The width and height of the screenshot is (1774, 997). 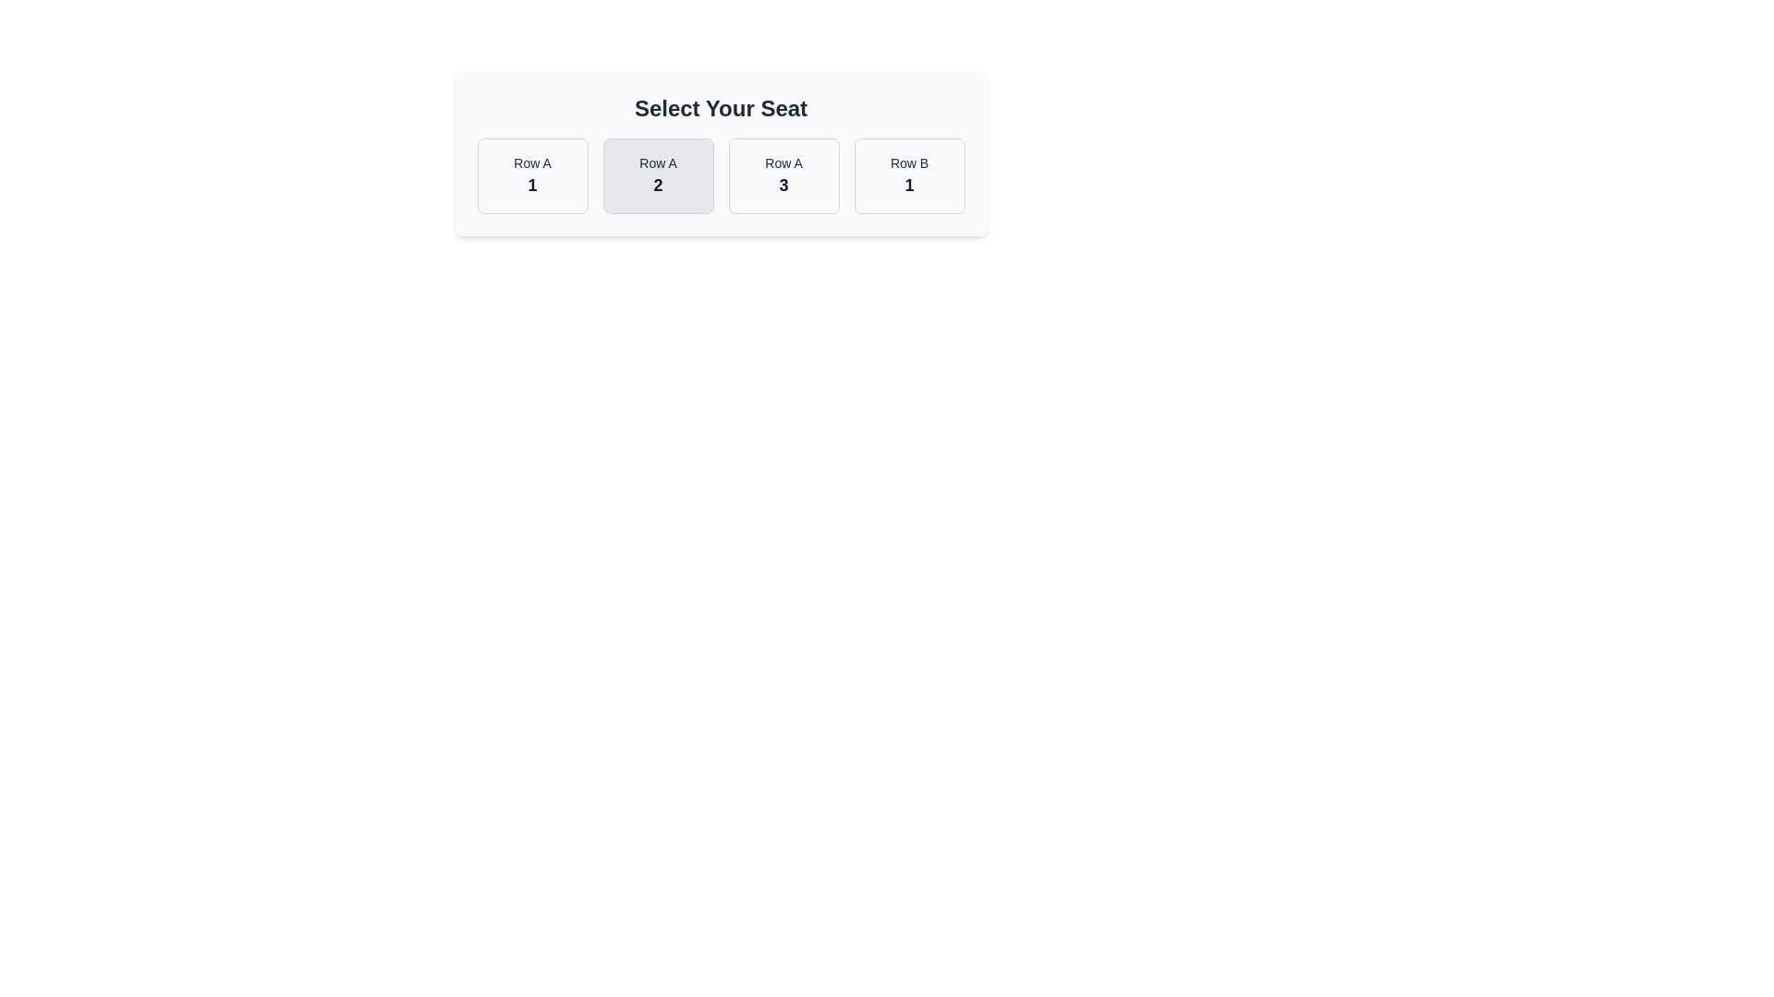 I want to click on the text label identifying 'Row A' in the third column of the grid layout under the 'Select Your Seat' header, so click(x=784, y=162).